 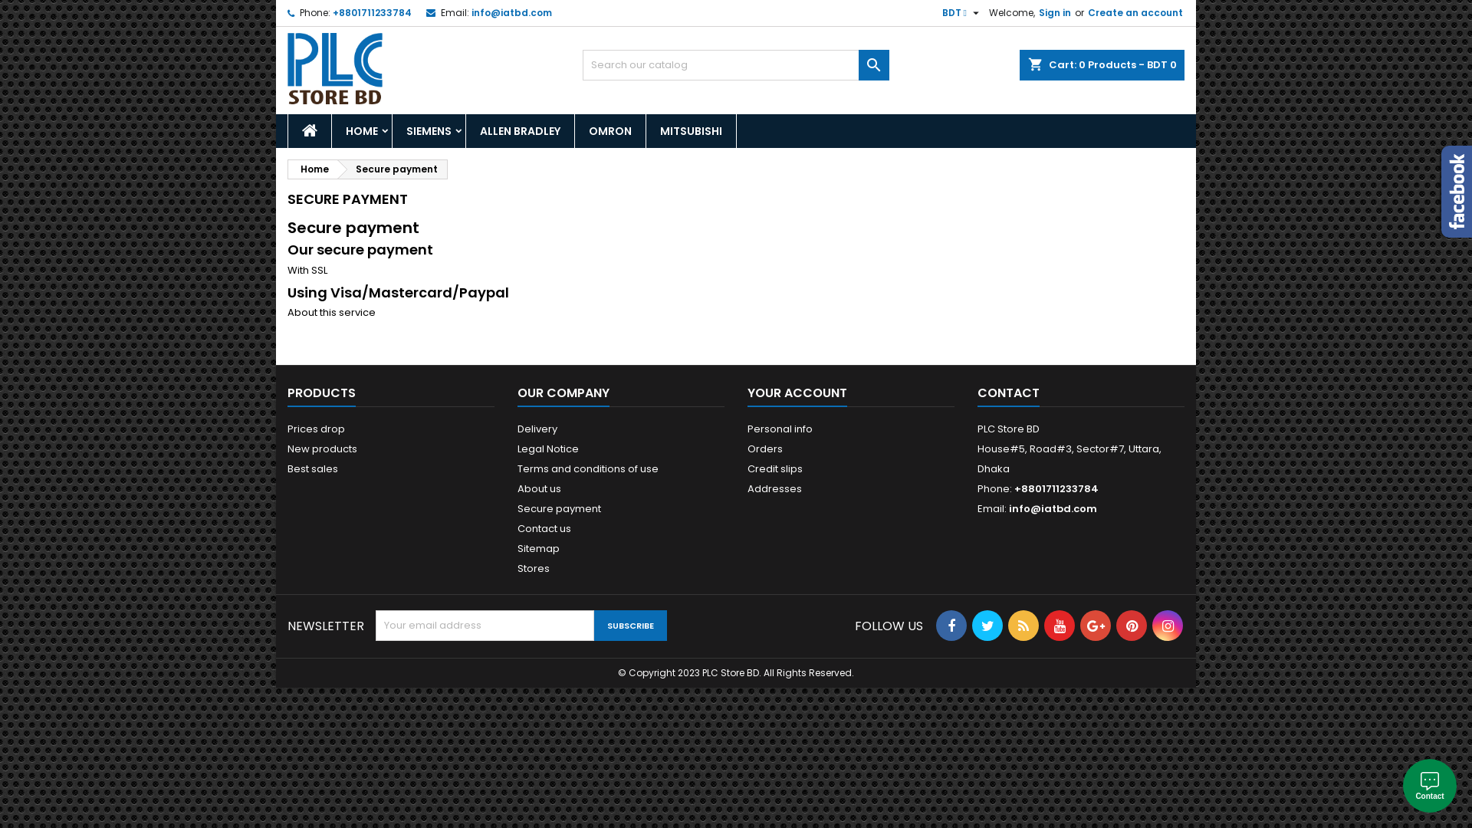 What do you see at coordinates (517, 449) in the screenshot?
I see `'Legal Notice'` at bounding box center [517, 449].